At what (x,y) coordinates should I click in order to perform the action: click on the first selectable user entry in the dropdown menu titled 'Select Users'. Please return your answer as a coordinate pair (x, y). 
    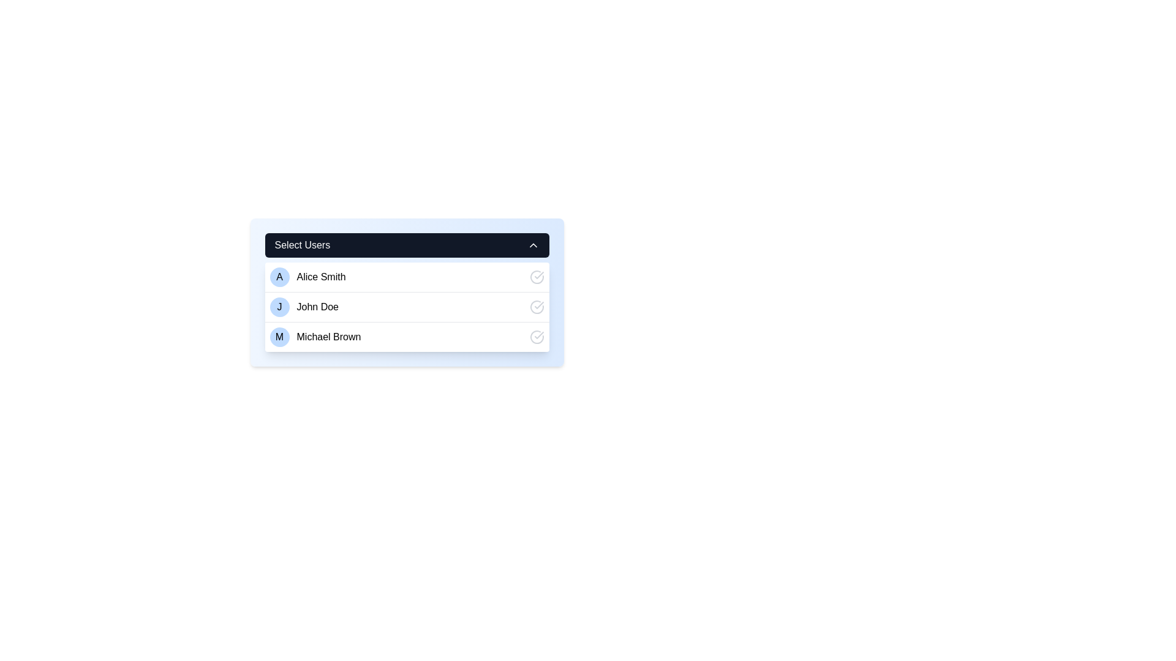
    Looking at the image, I should click on (407, 277).